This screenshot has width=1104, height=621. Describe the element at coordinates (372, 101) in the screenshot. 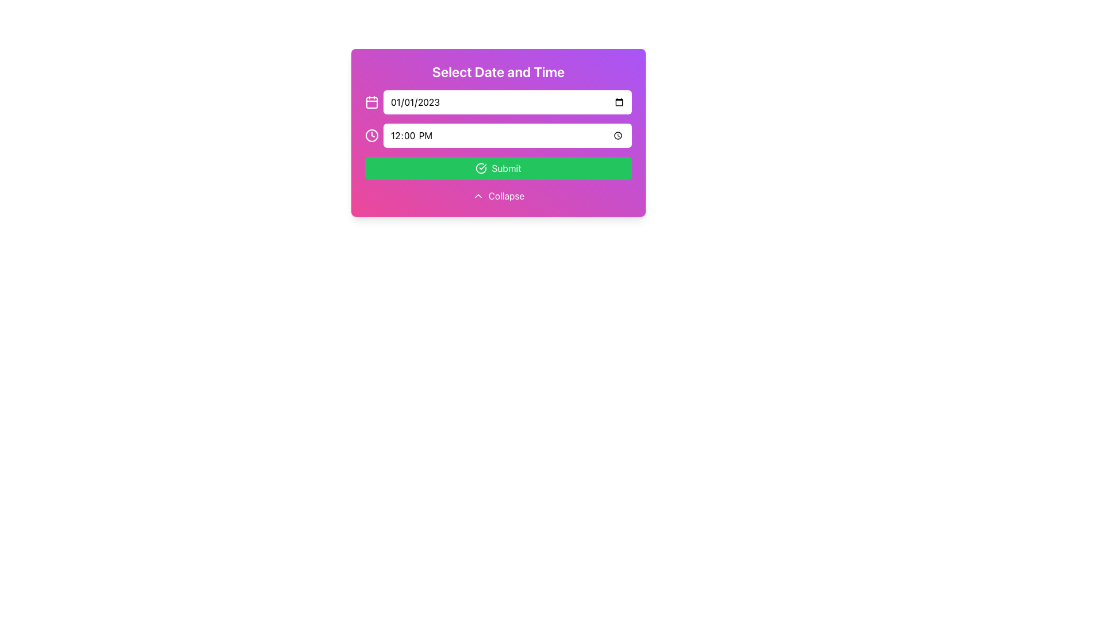

I see `the date selection icon located to the left of the date input field labeled '01/01/2023' within the 'Select Date and Time' form` at that location.